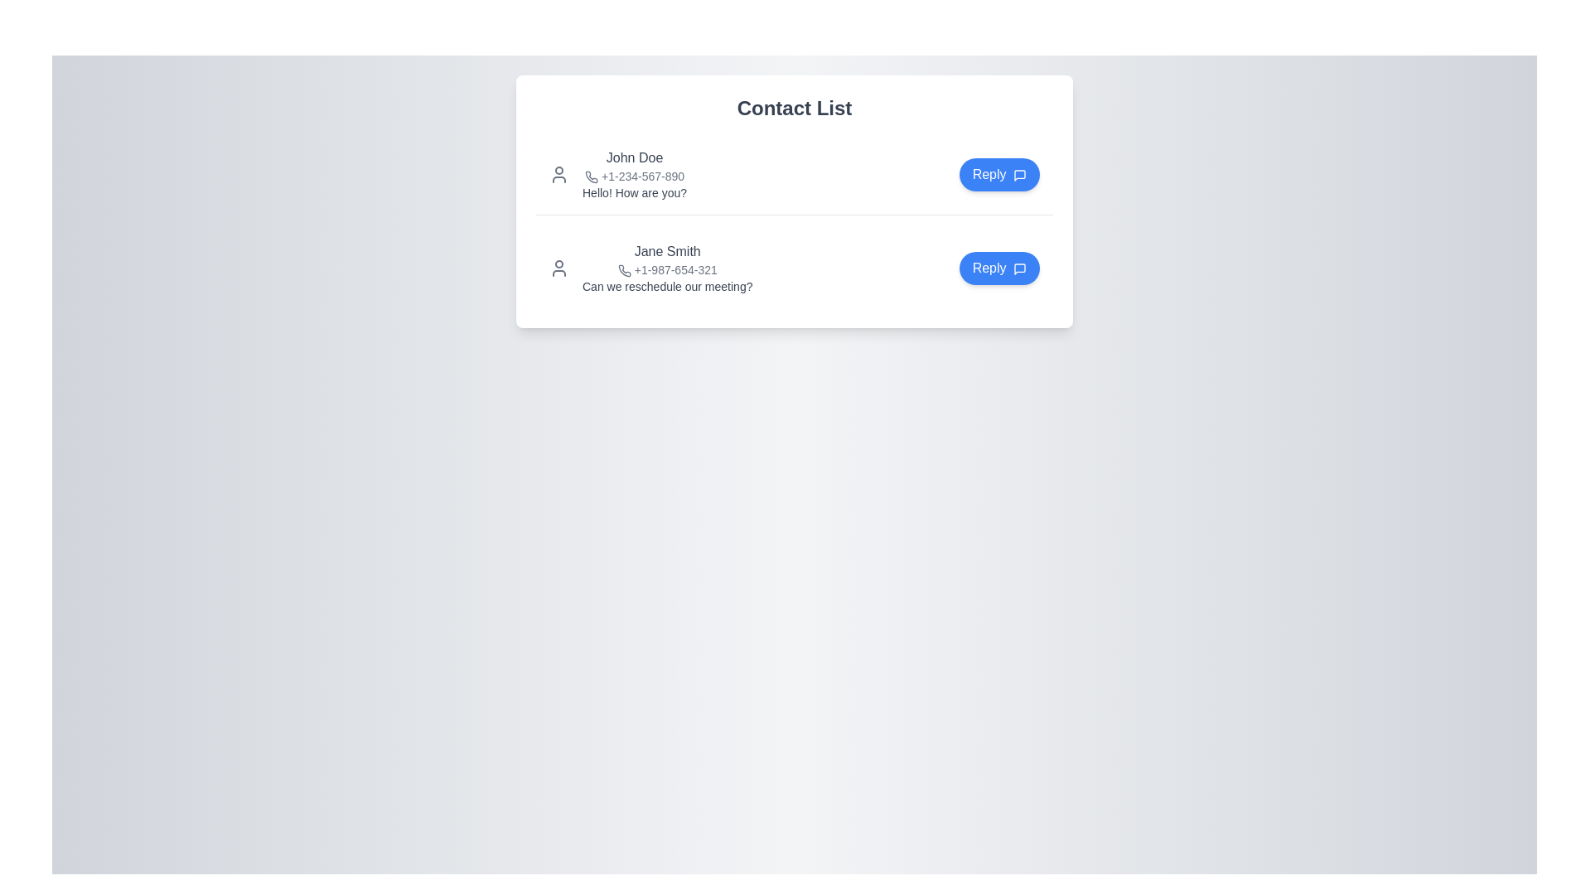  What do you see at coordinates (617, 175) in the screenshot?
I see `text content displayed in the Text Display for the contact 'John Doe', which includes the name, phone number, and message` at bounding box center [617, 175].